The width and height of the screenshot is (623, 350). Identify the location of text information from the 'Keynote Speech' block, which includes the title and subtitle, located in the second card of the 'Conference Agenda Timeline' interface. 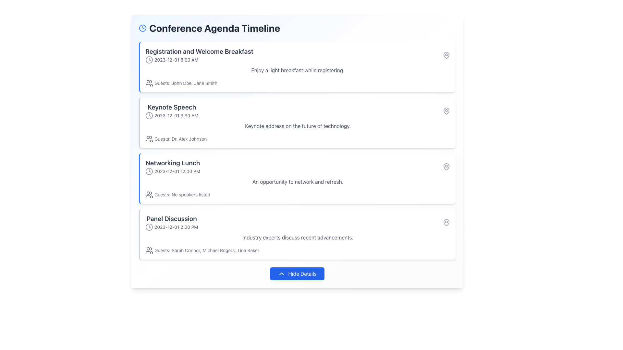
(172, 111).